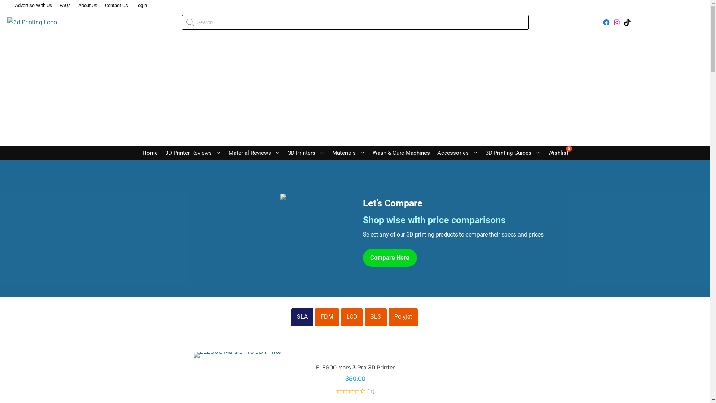  What do you see at coordinates (116, 6) in the screenshot?
I see `'Contact Us'` at bounding box center [116, 6].